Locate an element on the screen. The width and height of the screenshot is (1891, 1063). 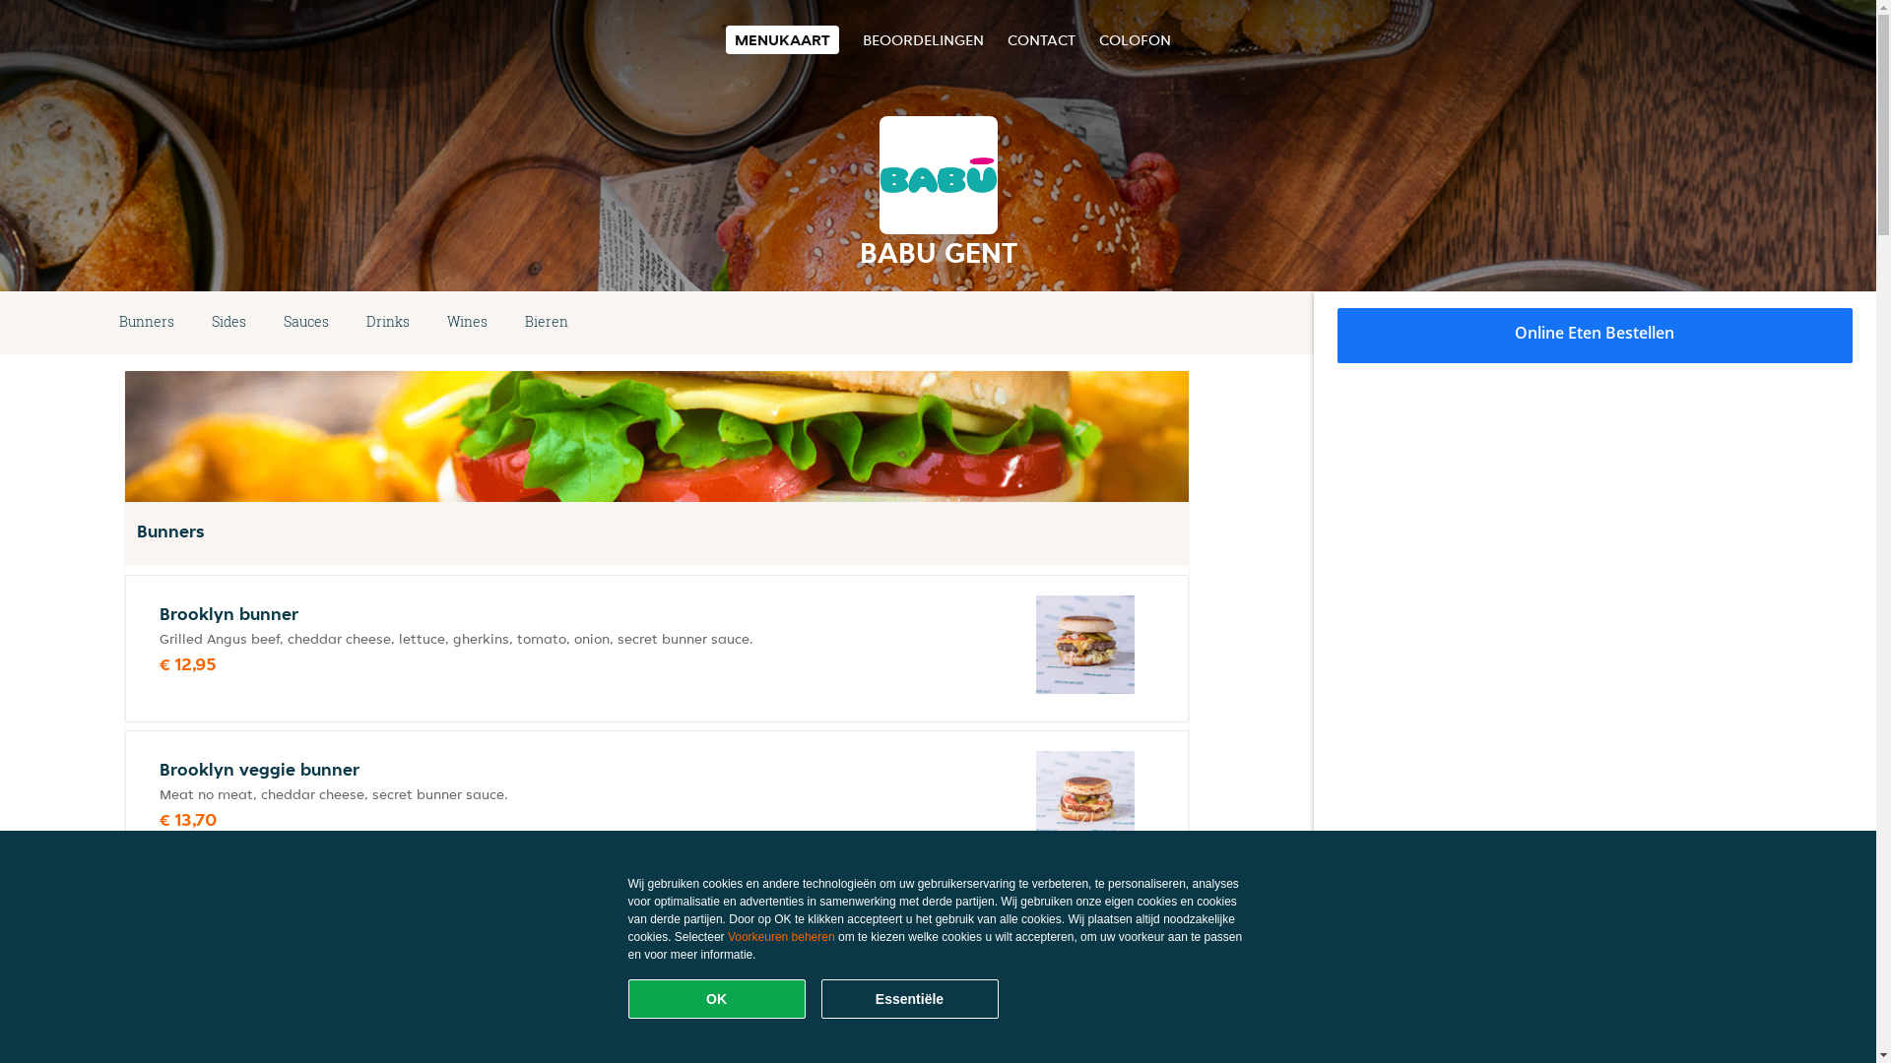
'Wines' is located at coordinates (466, 321).